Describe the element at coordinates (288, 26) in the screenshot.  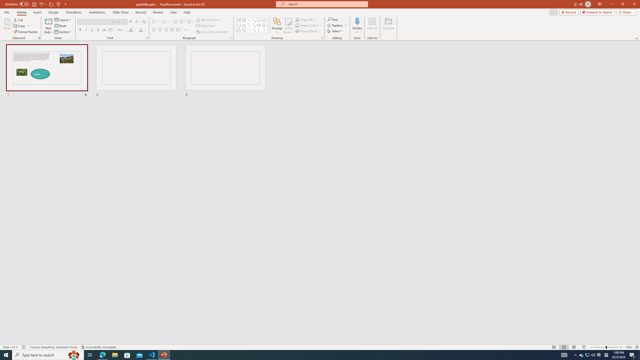
I see `'Quick Styles'` at that location.